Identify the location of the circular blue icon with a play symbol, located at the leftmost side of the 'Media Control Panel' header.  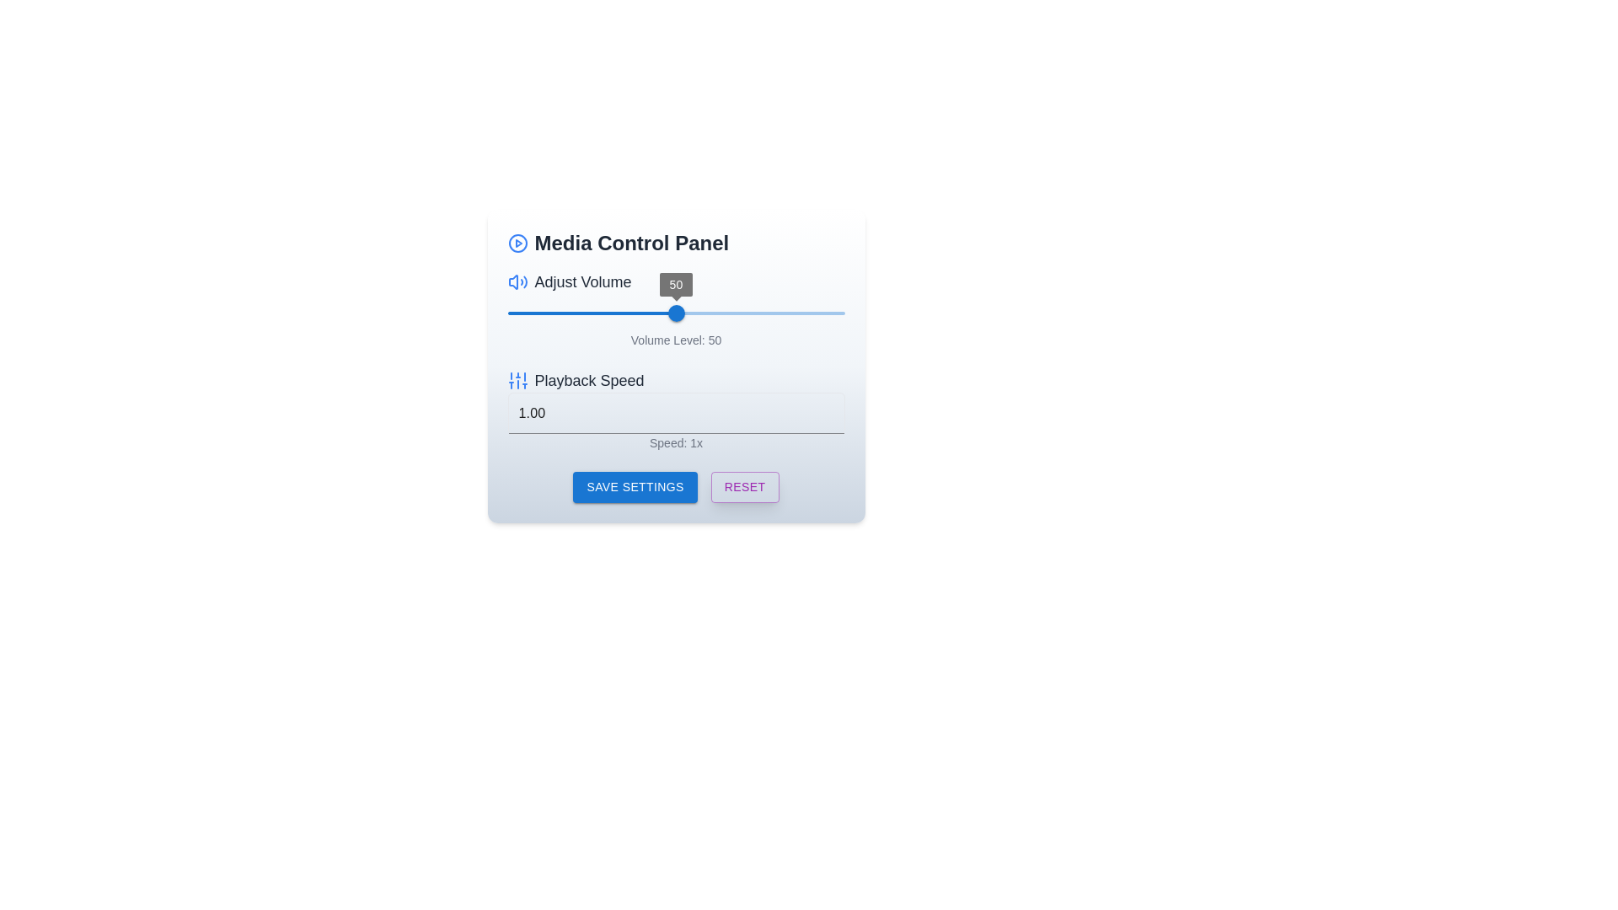
(517, 244).